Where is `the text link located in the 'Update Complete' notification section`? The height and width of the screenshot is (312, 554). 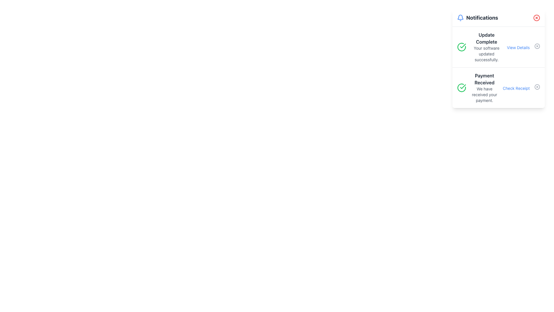
the text link located in the 'Update Complete' notification section is located at coordinates (523, 47).